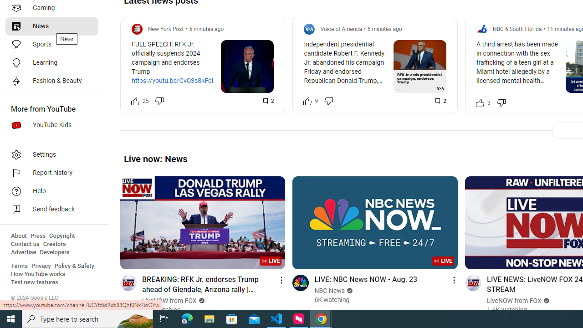 The width and height of the screenshot is (583, 328). What do you see at coordinates (479, 102) in the screenshot?
I see `'Like this post along with 3 other people'` at bounding box center [479, 102].